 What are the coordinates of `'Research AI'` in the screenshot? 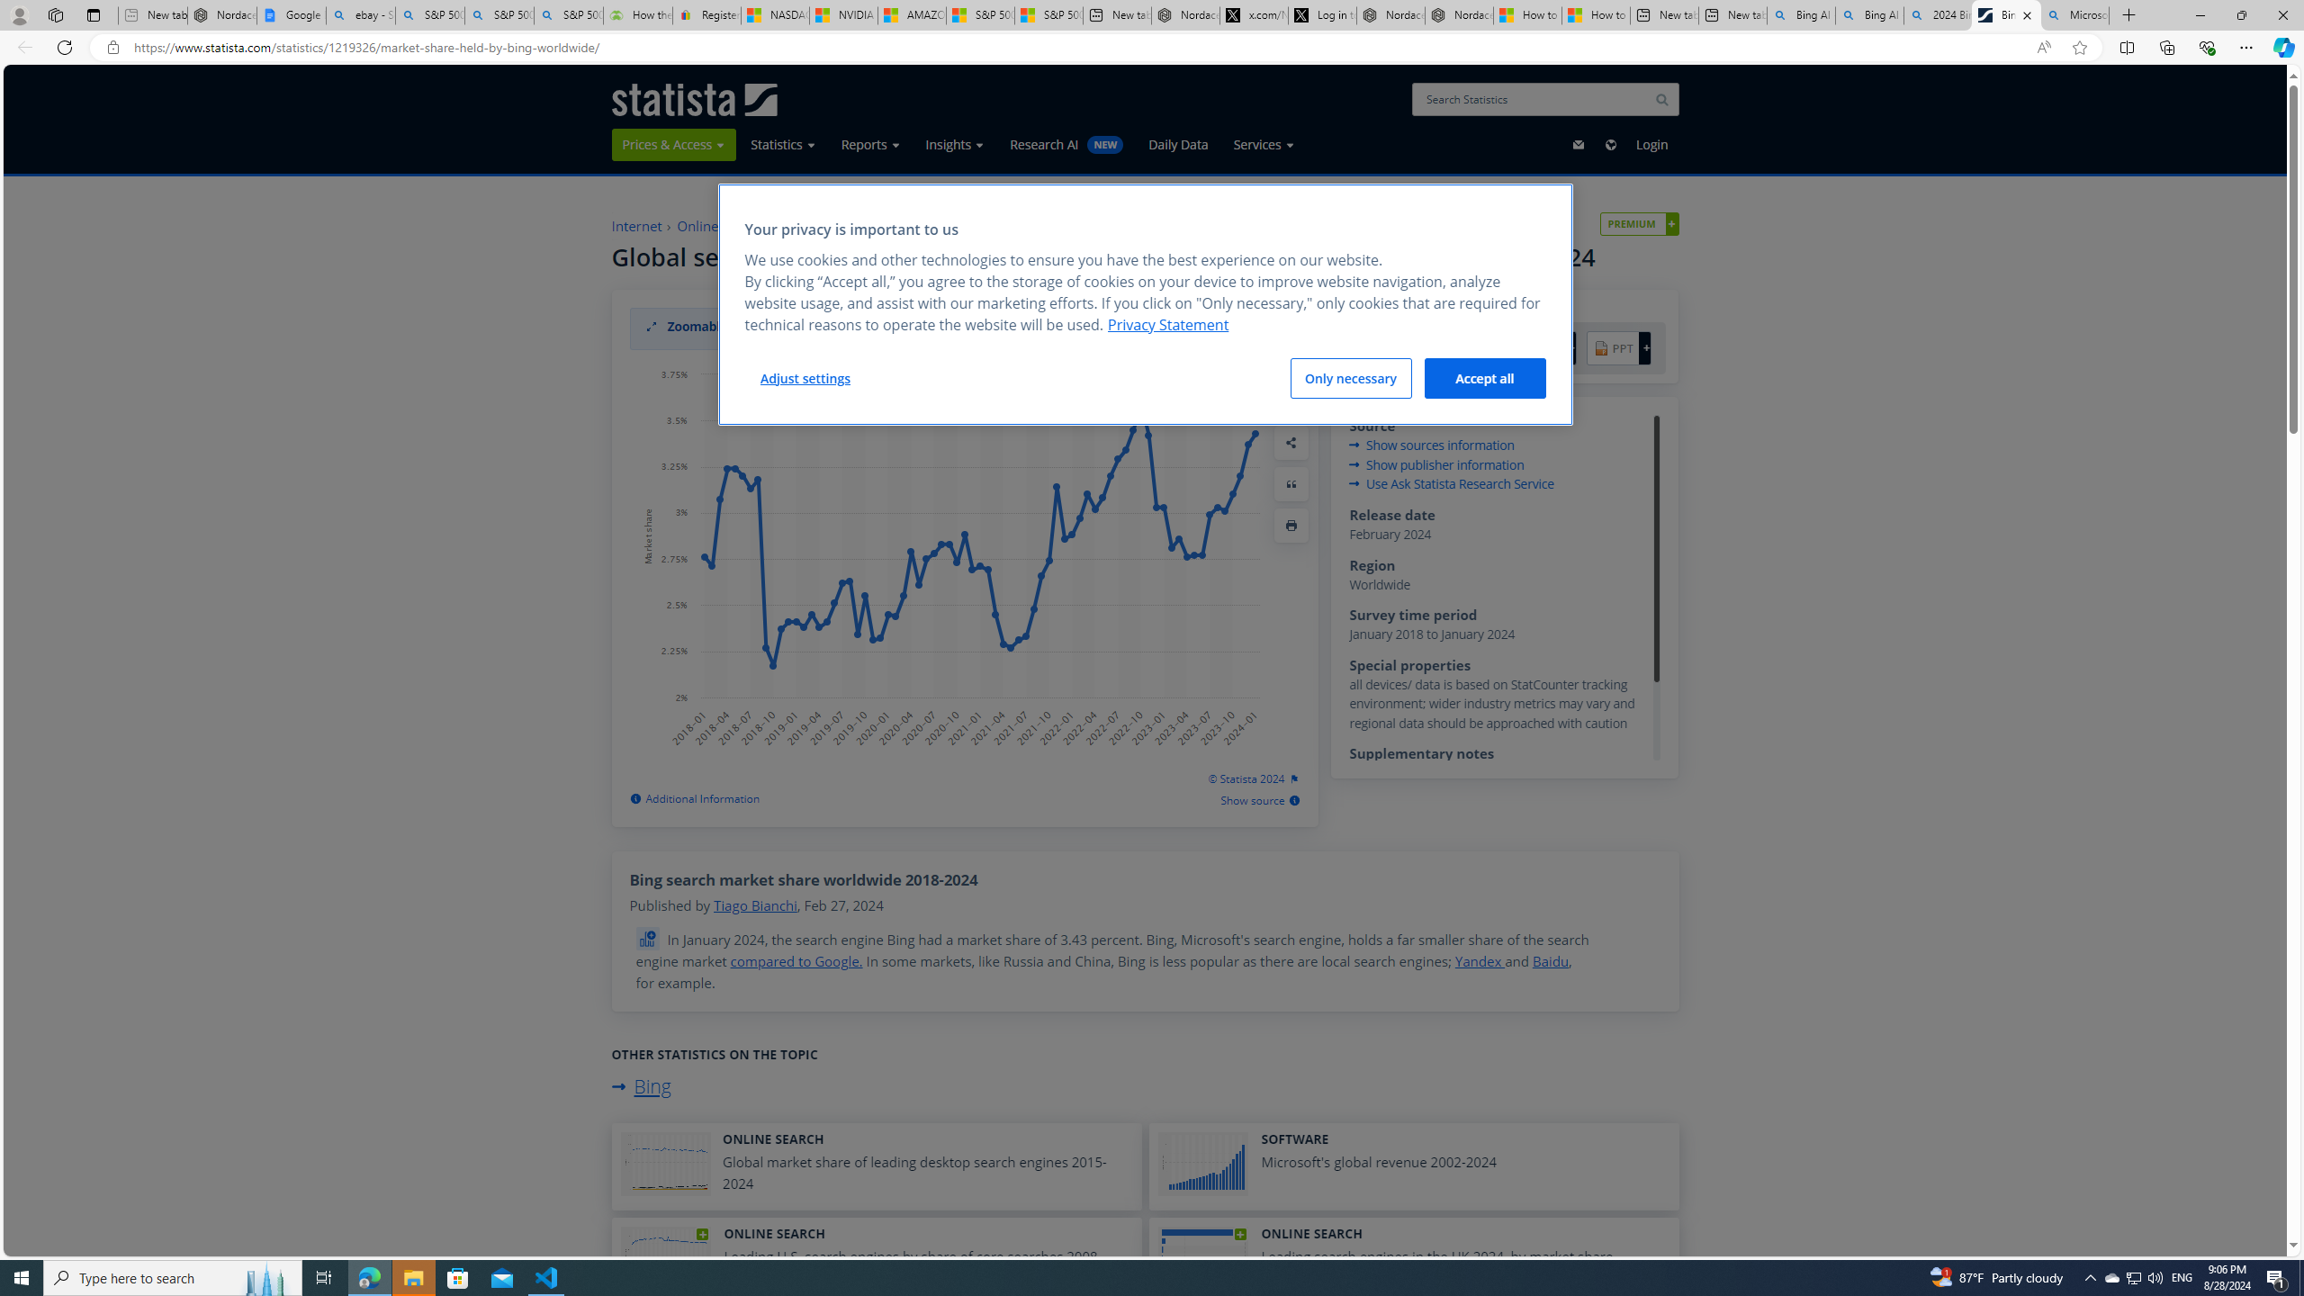 It's located at (1066, 144).